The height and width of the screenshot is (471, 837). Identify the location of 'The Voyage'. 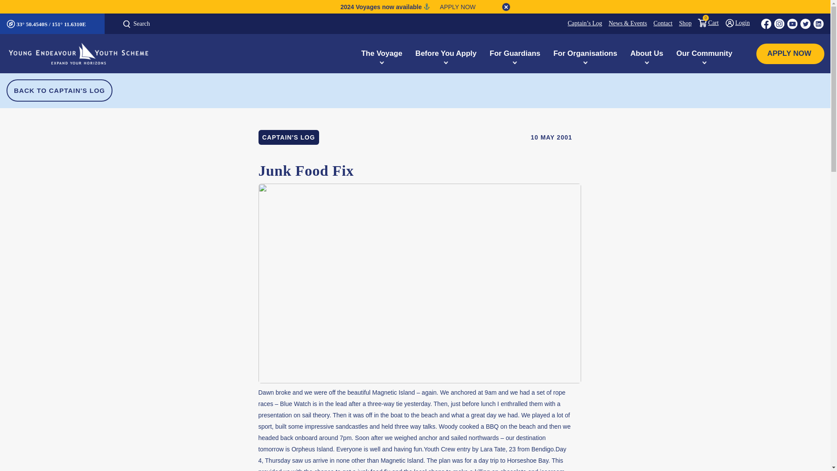
(355, 54).